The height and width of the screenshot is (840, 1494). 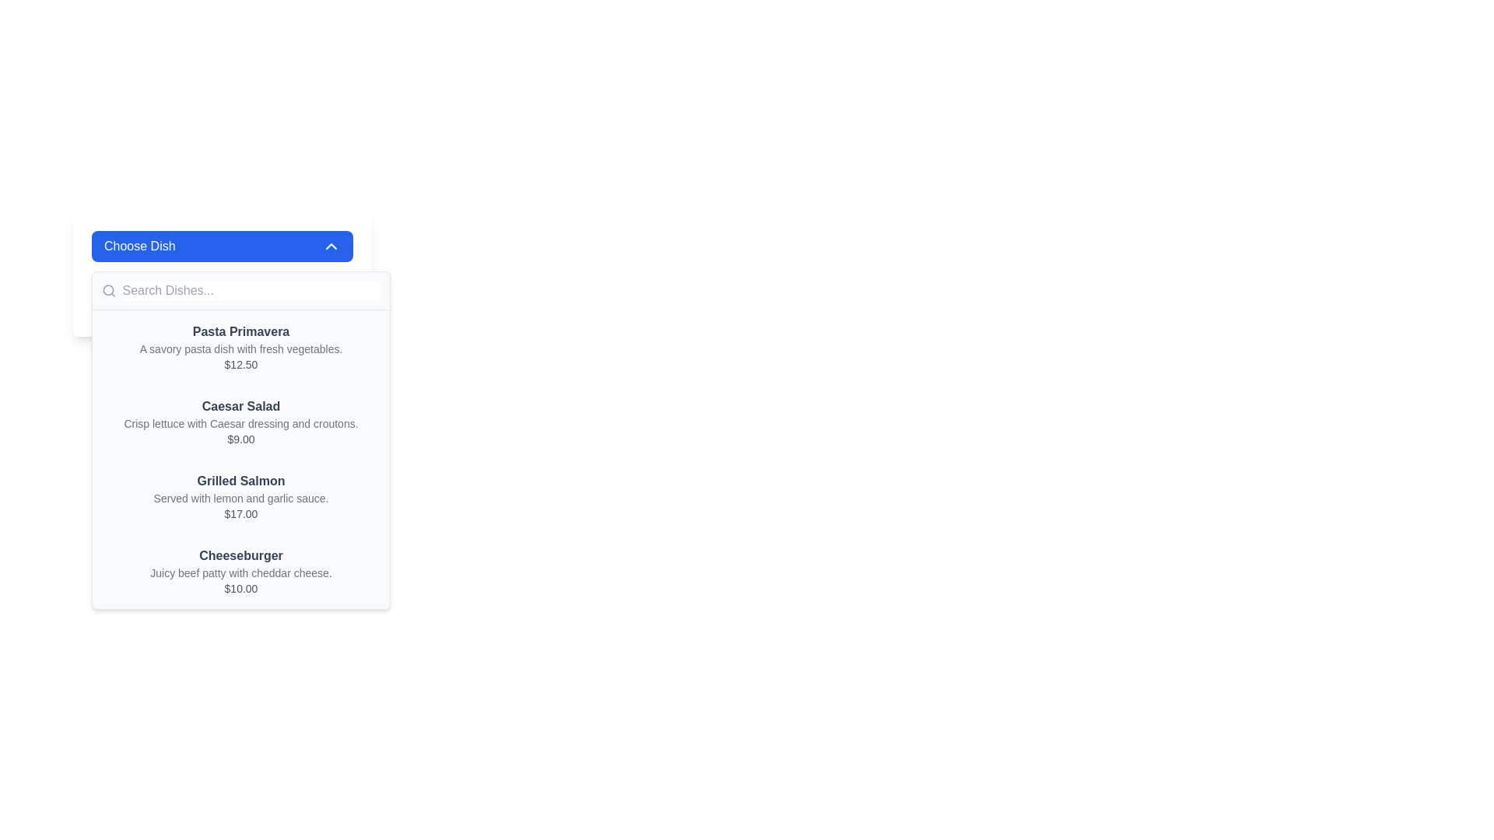 What do you see at coordinates (240, 588) in the screenshot?
I see `the text label displaying '$10.00' located below the Cheeseburger title and description` at bounding box center [240, 588].